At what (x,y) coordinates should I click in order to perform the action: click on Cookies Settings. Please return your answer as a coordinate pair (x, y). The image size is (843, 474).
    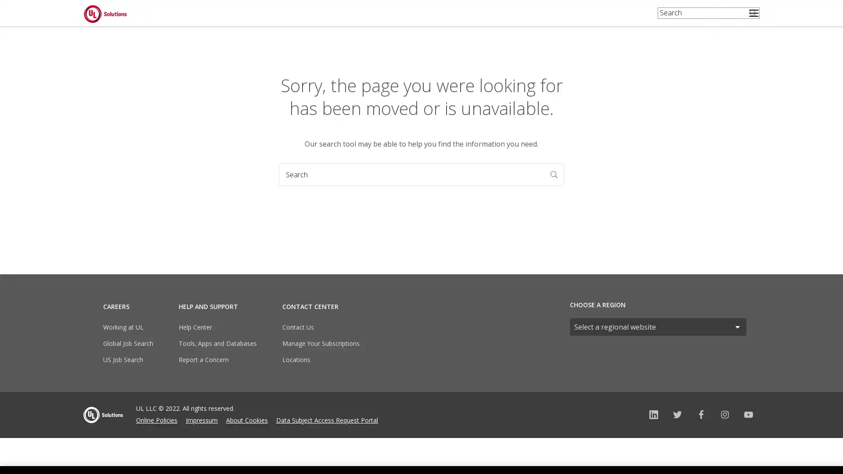
    Looking at the image, I should click on (611, 449).